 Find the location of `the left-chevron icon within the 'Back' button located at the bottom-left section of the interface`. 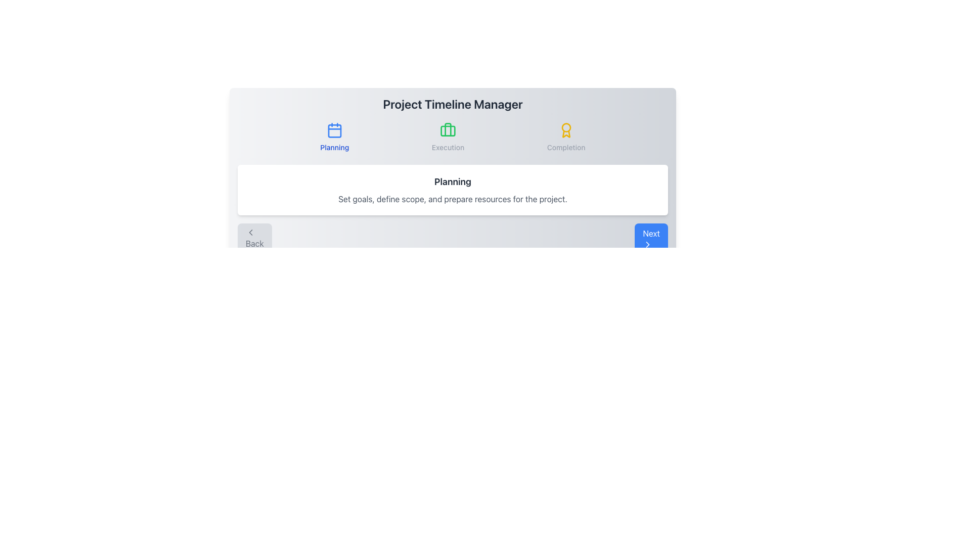

the left-chevron icon within the 'Back' button located at the bottom-left section of the interface is located at coordinates (250, 232).